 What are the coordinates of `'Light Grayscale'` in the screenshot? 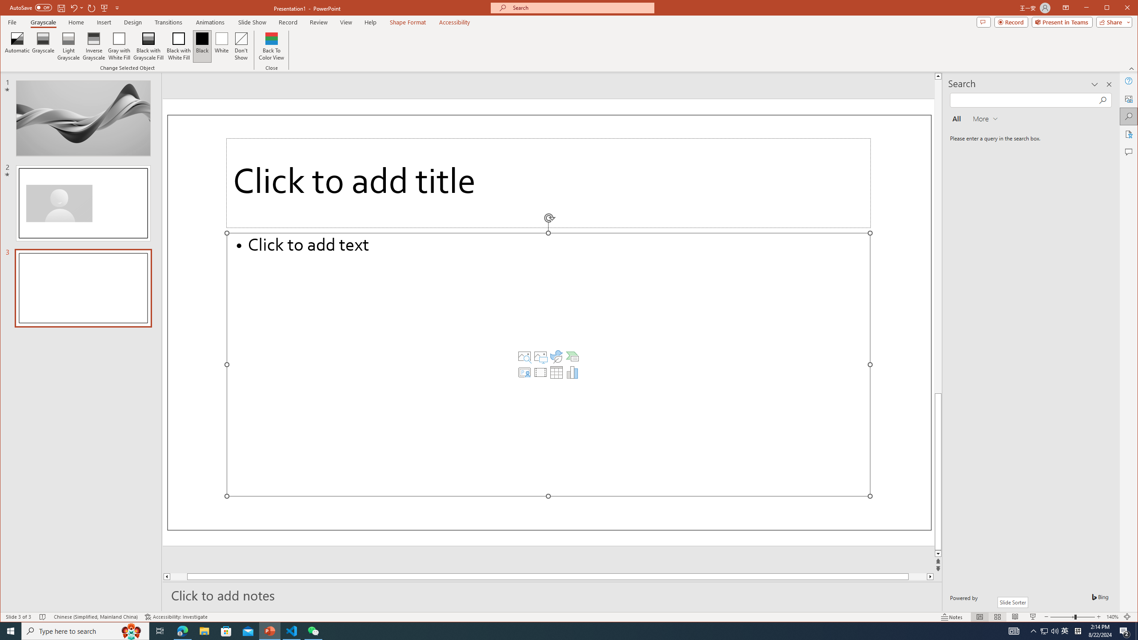 It's located at (68, 46).